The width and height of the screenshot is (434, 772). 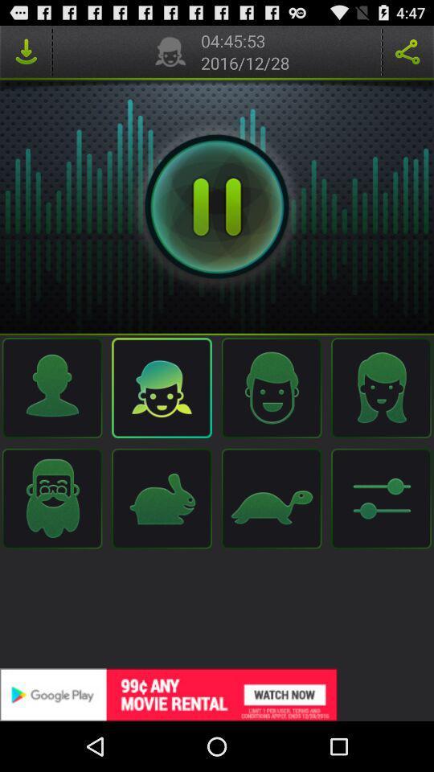 I want to click on share, so click(x=407, y=51).